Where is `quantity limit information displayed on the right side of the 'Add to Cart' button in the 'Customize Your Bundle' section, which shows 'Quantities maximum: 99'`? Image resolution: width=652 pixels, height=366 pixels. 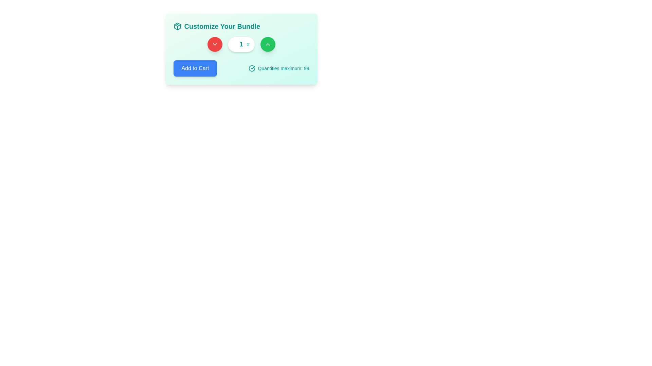 quantity limit information displayed on the right side of the 'Add to Cart' button in the 'Customize Your Bundle' section, which shows 'Quantities maximum: 99' is located at coordinates (241, 68).